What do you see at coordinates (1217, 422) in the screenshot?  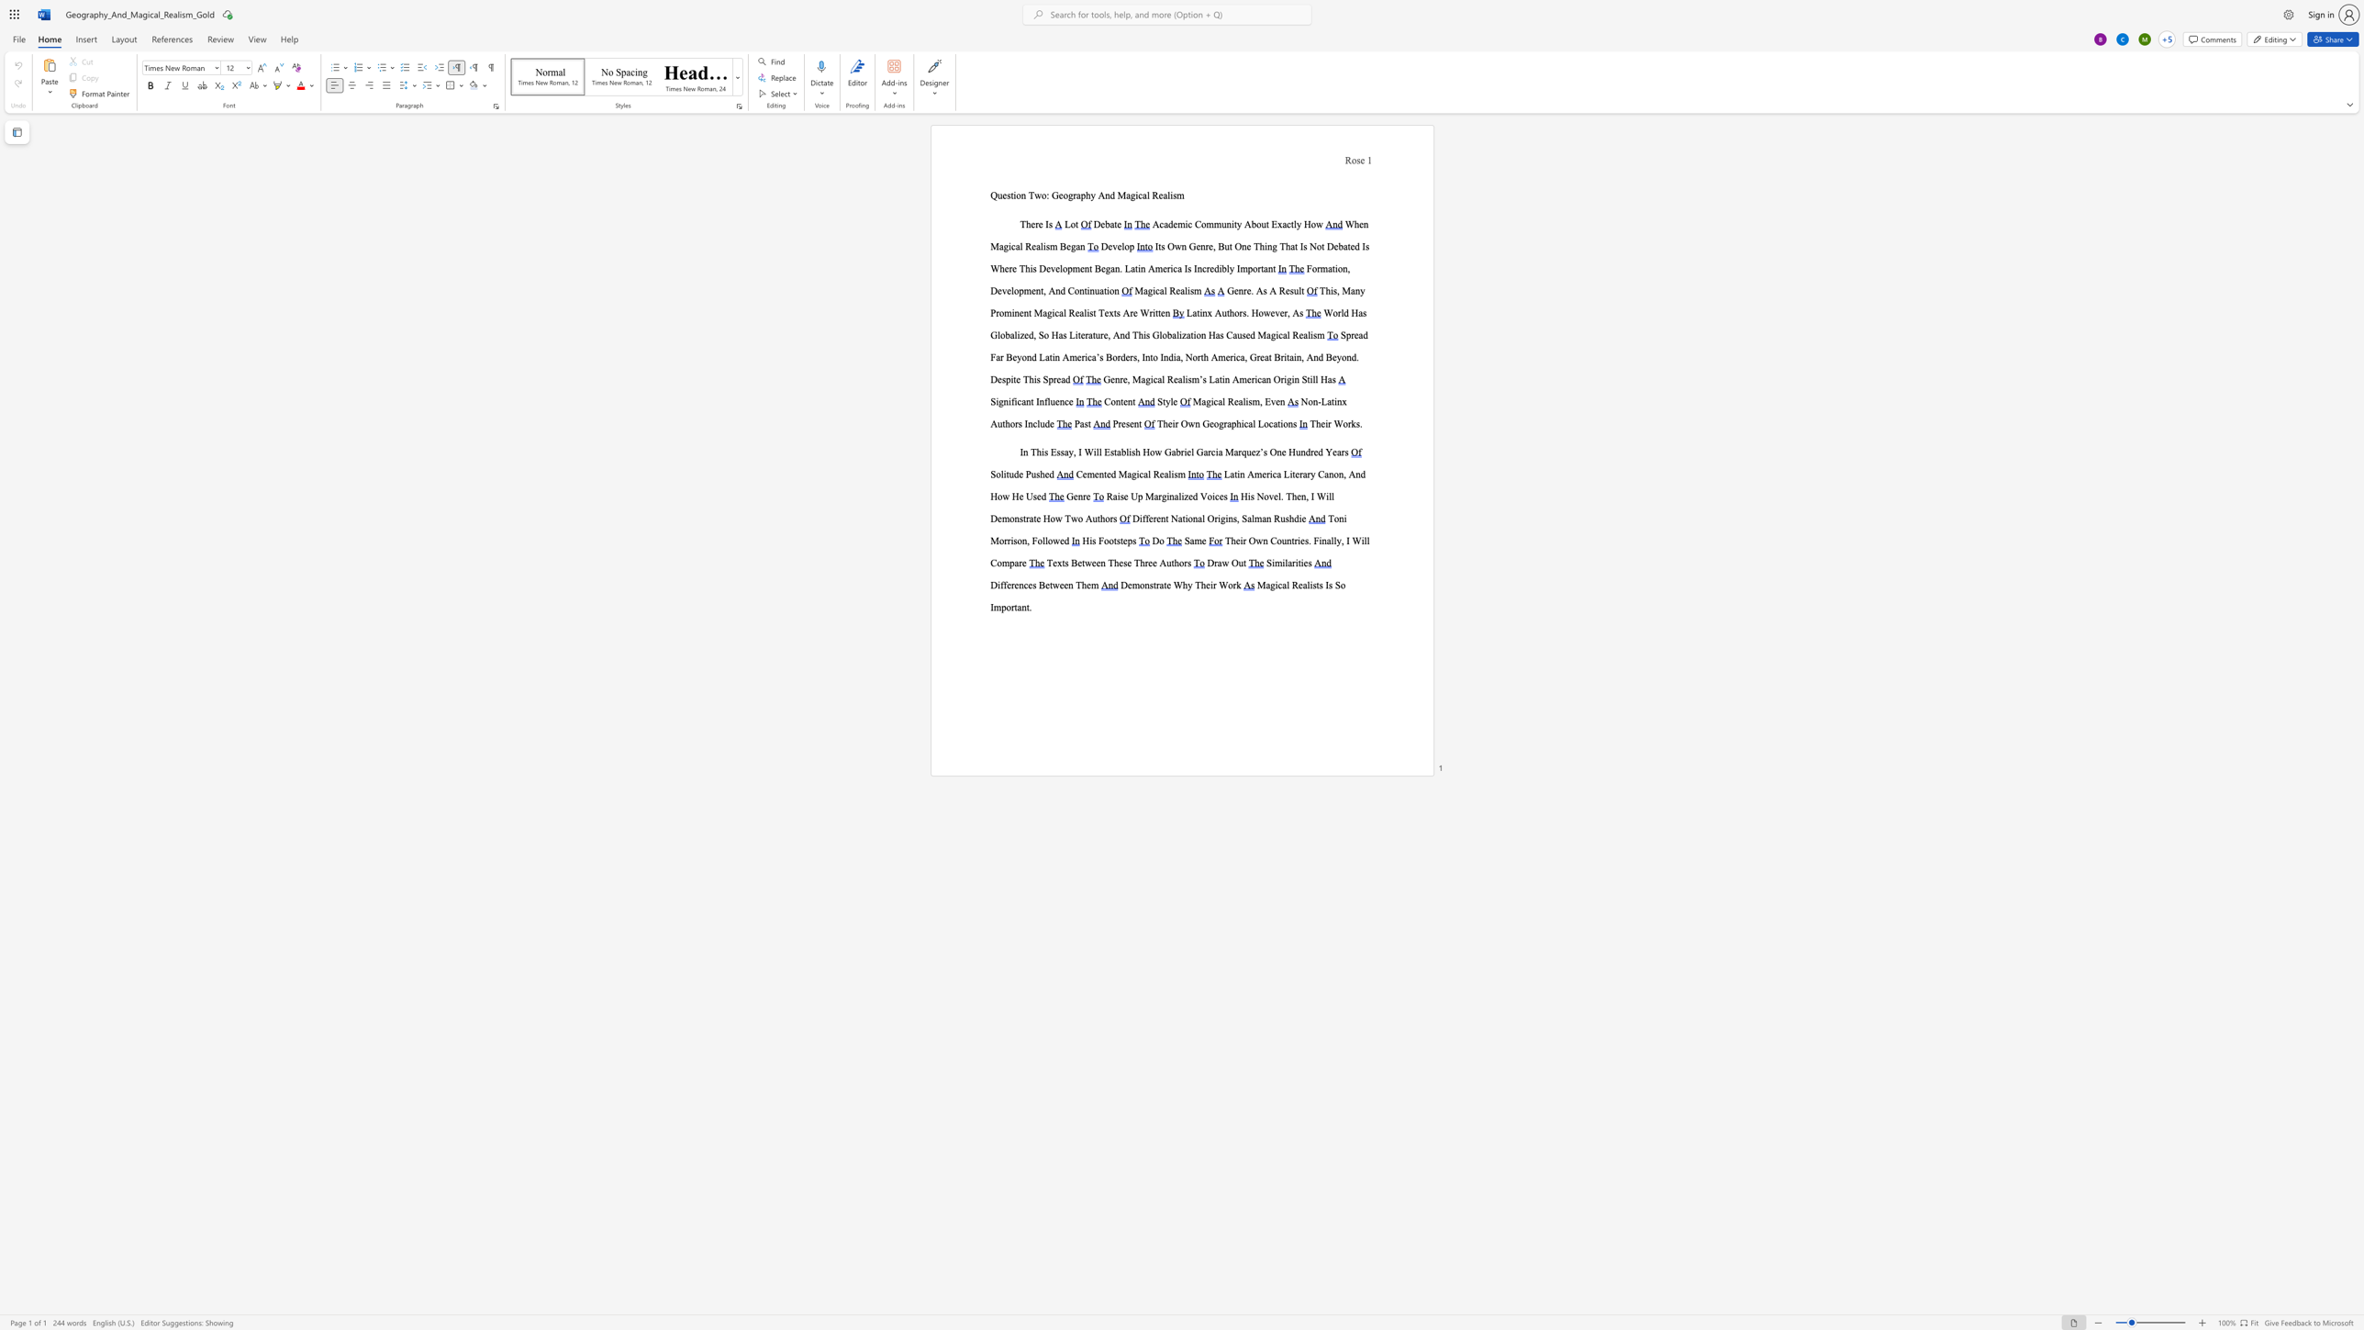 I see `the 1th character "o" in the text` at bounding box center [1217, 422].